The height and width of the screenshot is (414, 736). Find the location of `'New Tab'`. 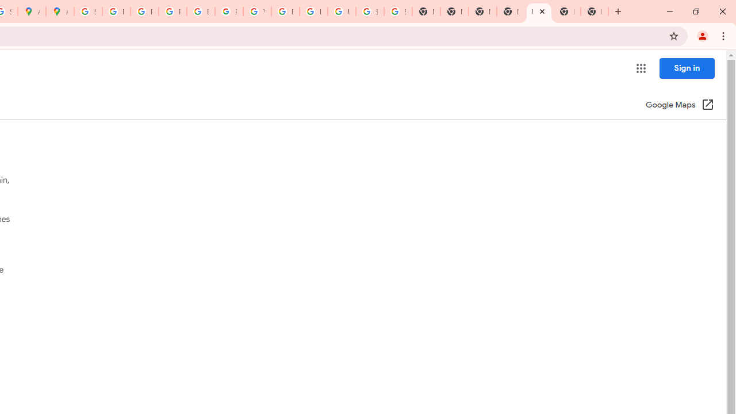

'New Tab' is located at coordinates (567, 11).